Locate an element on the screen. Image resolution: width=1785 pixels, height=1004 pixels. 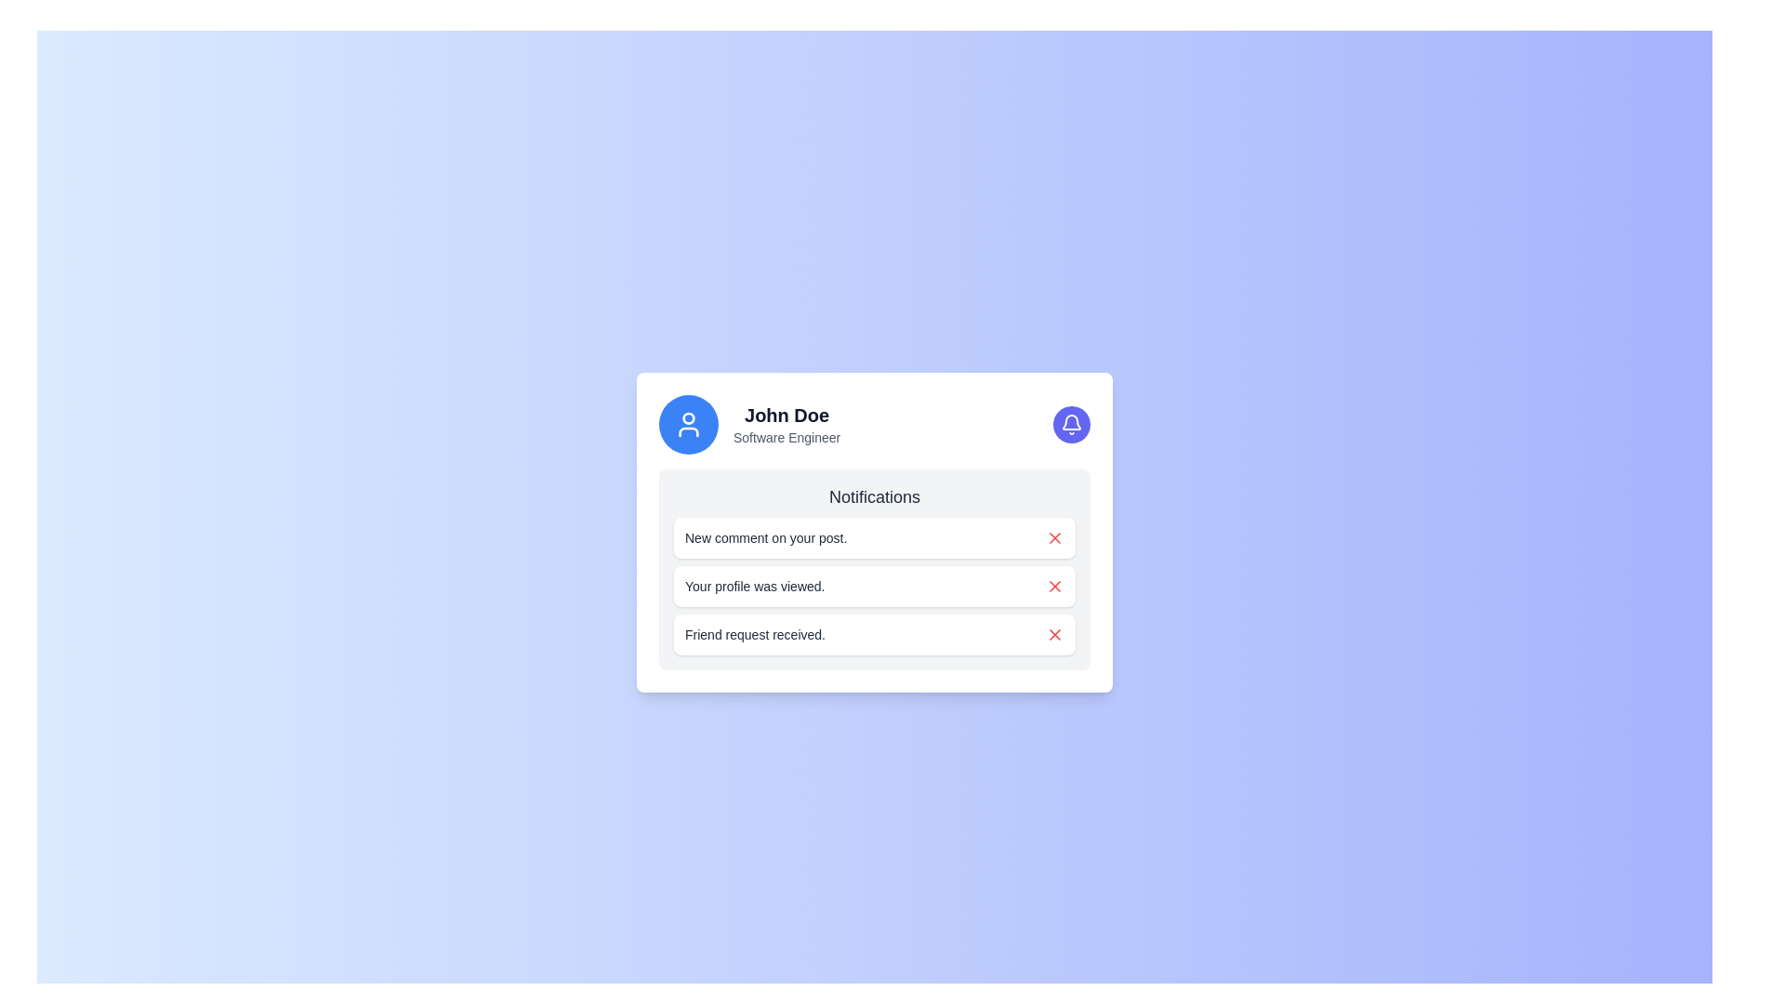
the Label element displaying 'John Doe', which is located at the upper section of the white panel and is styled in bold with a larger font size is located at coordinates (787, 415).